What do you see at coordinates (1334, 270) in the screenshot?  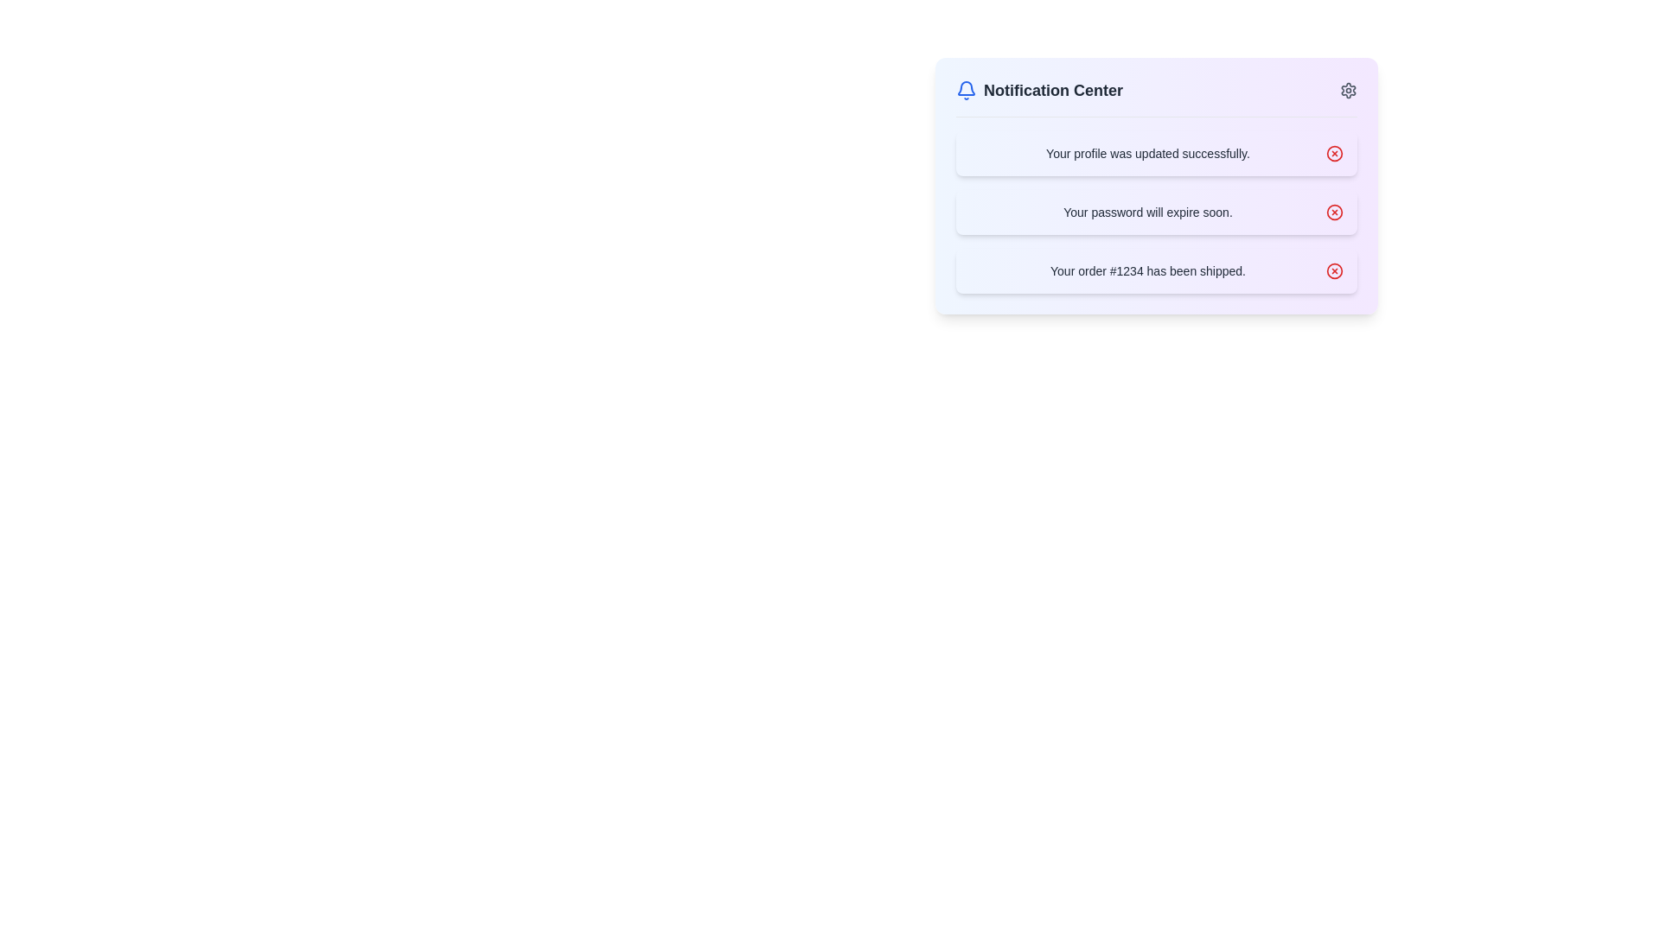 I see `the Circle element located on the rightmost side of the notification component adjacent to the 'Your order #1234 has been shipped.' message` at bounding box center [1334, 270].